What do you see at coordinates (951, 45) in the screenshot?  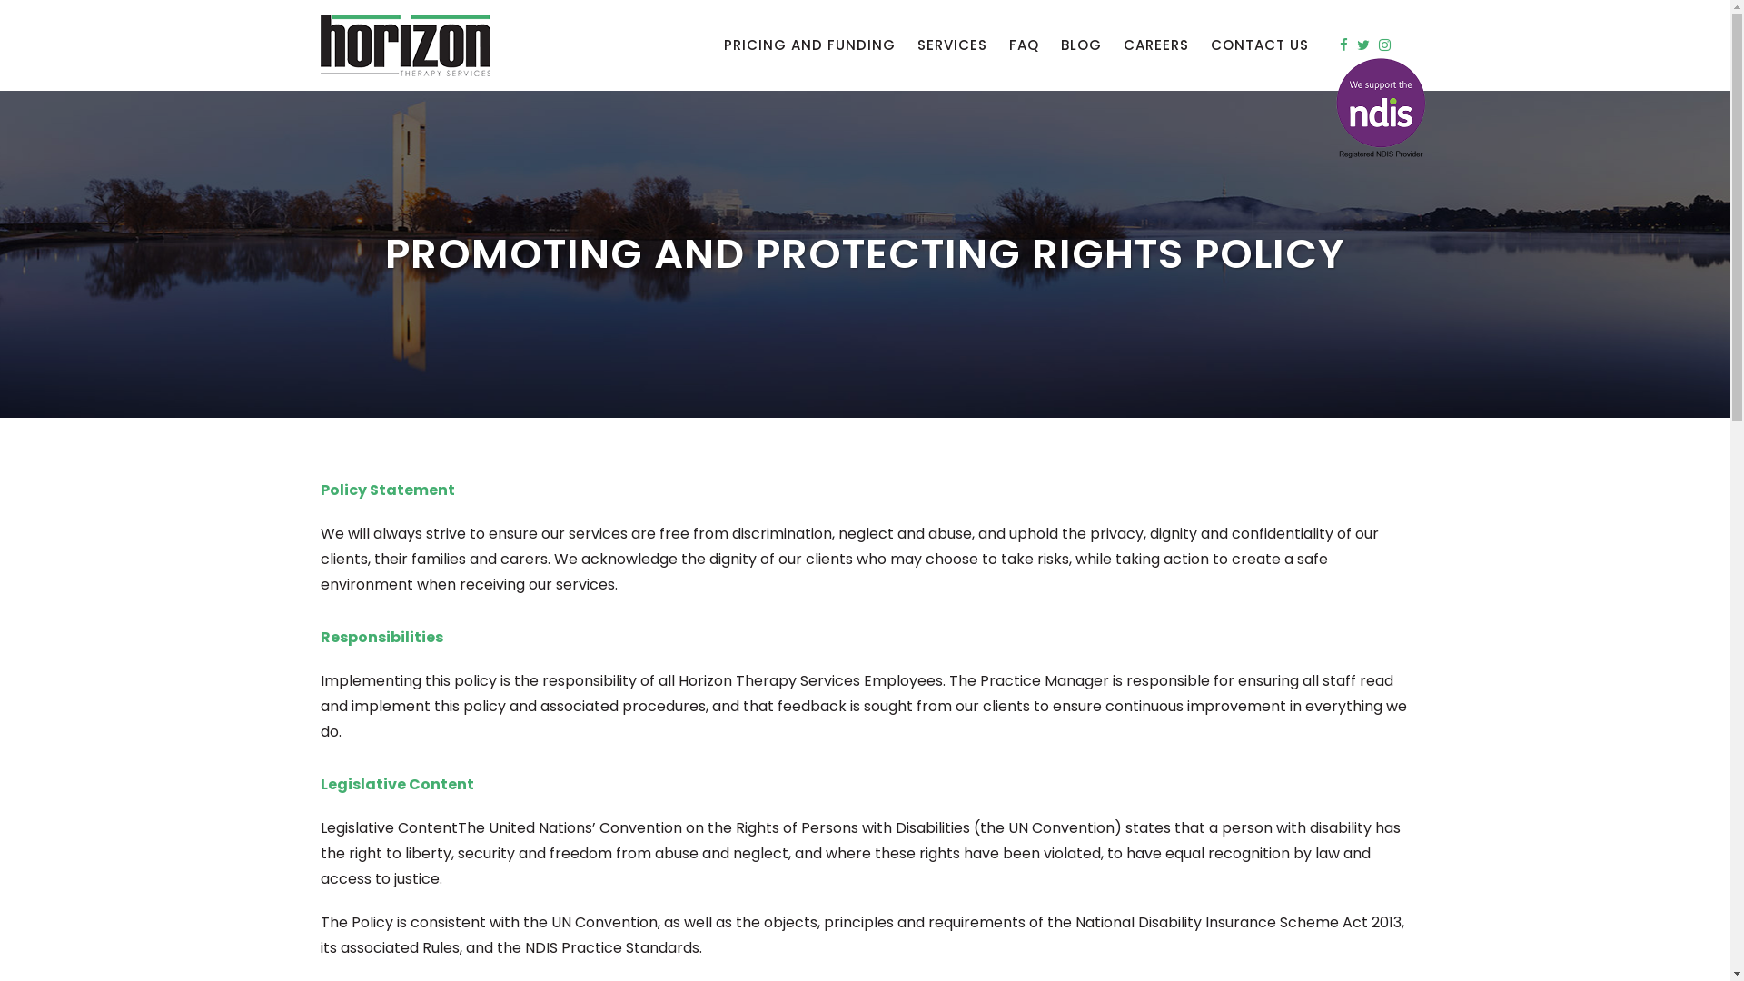 I see `'SERVICES'` at bounding box center [951, 45].